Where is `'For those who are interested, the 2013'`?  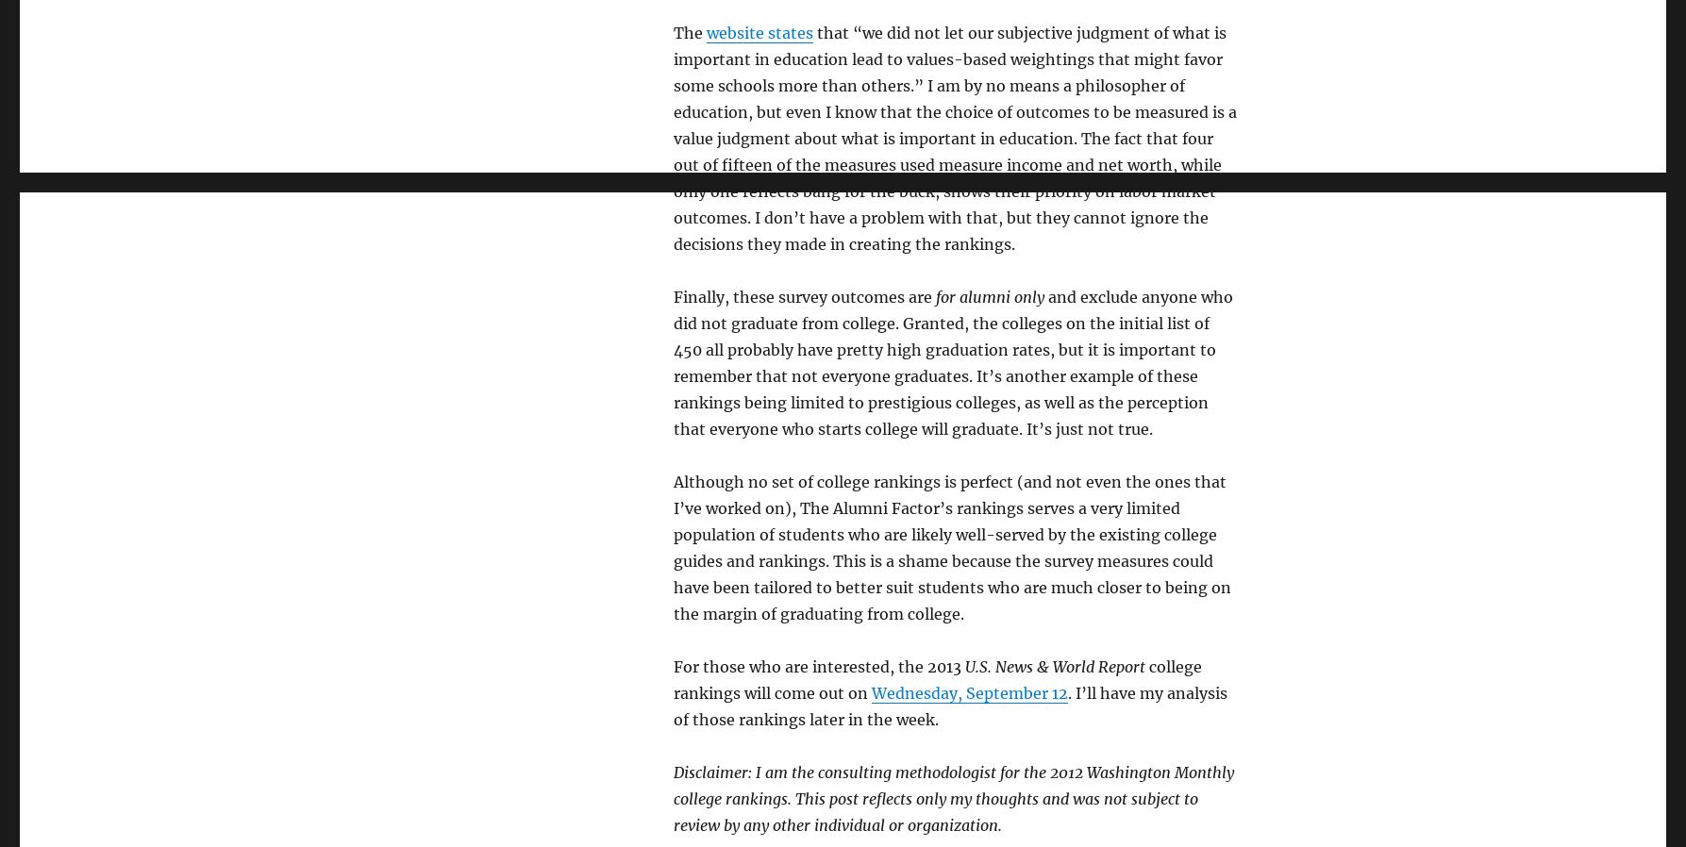
'For those who are interested, the 2013' is located at coordinates (672, 666).